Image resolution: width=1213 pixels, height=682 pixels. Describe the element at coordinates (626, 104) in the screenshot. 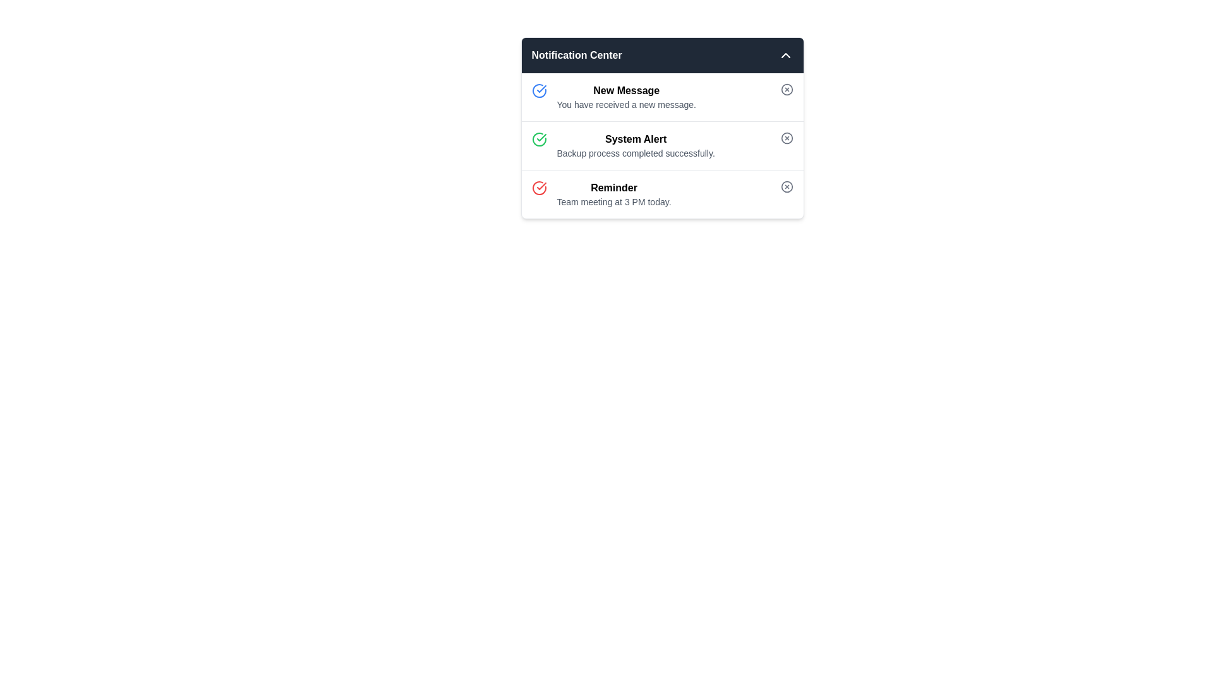

I see `the static text that reads 'You have received a new message.' located below the bold text 'New Message' in the first notification item` at that location.